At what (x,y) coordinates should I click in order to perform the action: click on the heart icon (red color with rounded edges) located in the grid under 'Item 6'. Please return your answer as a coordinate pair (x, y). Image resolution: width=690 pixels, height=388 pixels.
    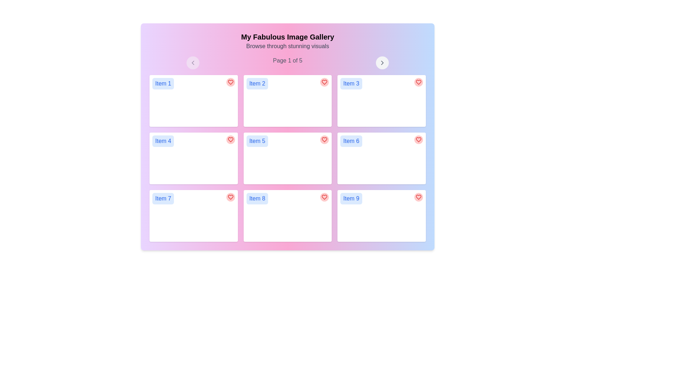
    Looking at the image, I should click on (419, 140).